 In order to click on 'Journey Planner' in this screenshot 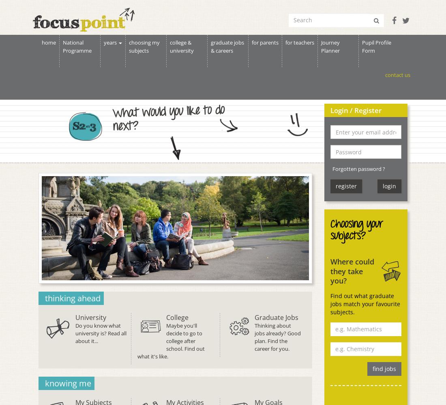, I will do `click(330, 46)`.